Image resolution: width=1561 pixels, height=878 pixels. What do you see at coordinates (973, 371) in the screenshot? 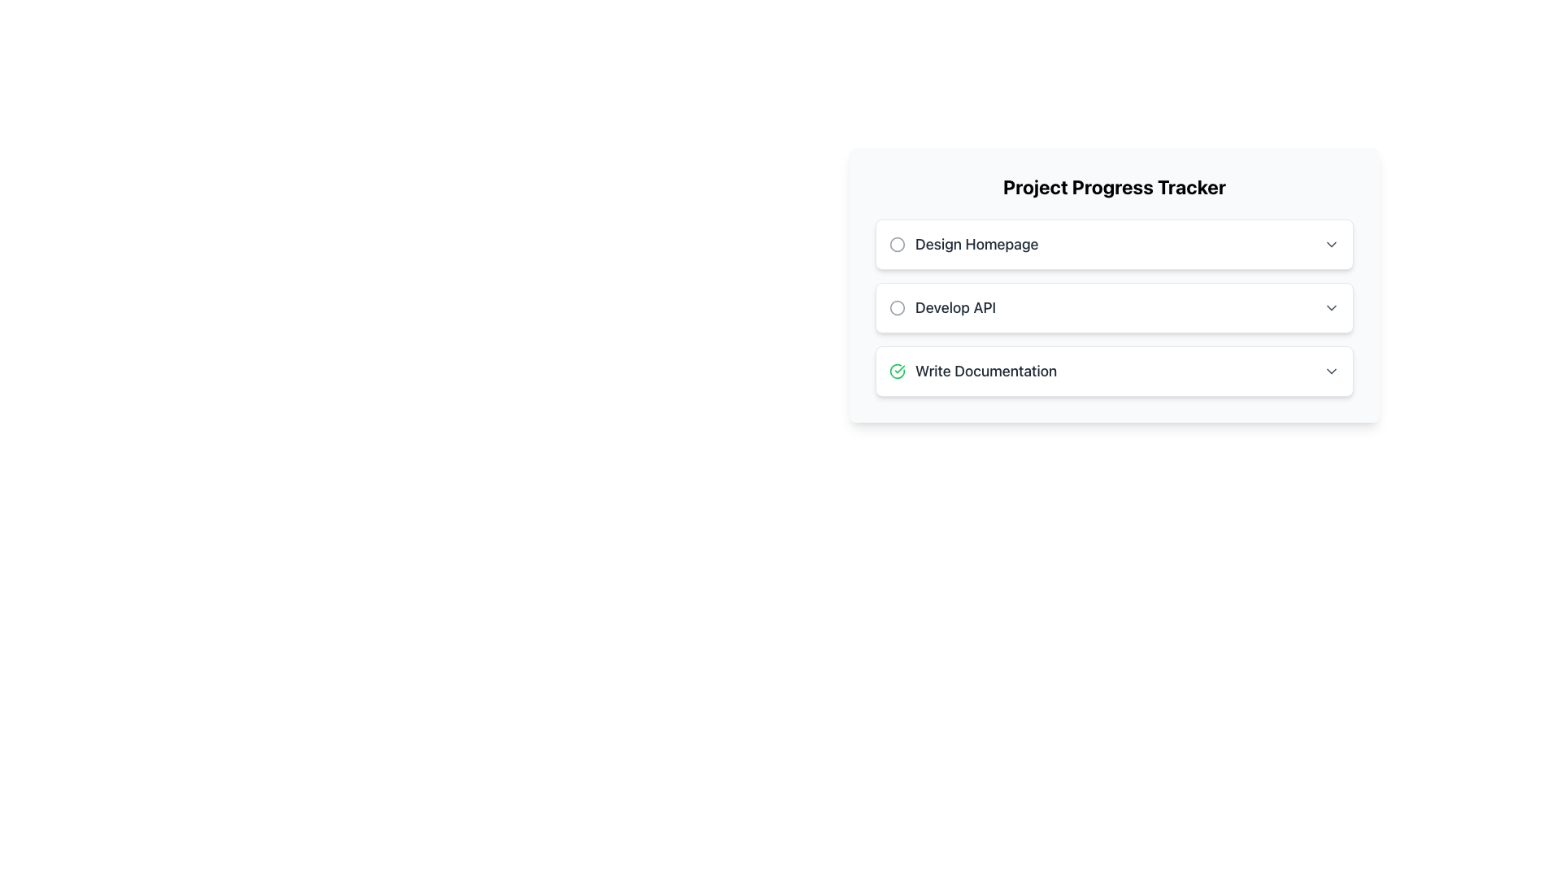
I see `the completed task list item named 'Write Documentation', which is the third item in the task list and visually positioned below 'Develop API'` at bounding box center [973, 371].